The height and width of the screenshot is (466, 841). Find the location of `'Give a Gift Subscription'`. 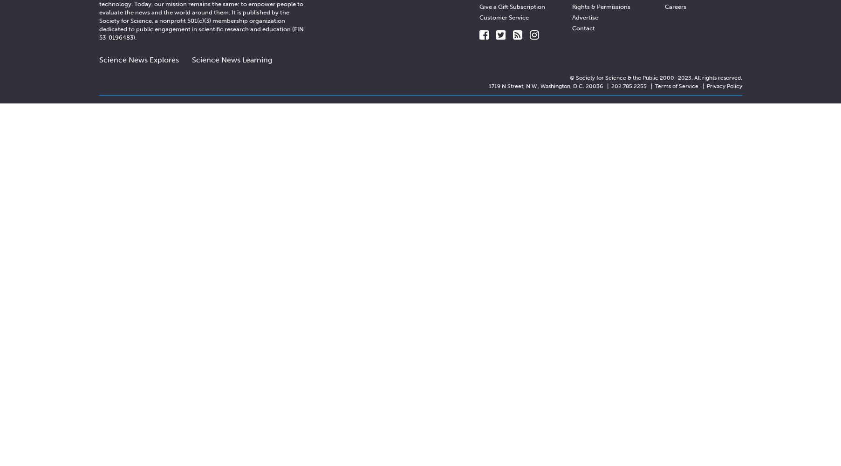

'Give a Gift Subscription' is located at coordinates (512, 6).